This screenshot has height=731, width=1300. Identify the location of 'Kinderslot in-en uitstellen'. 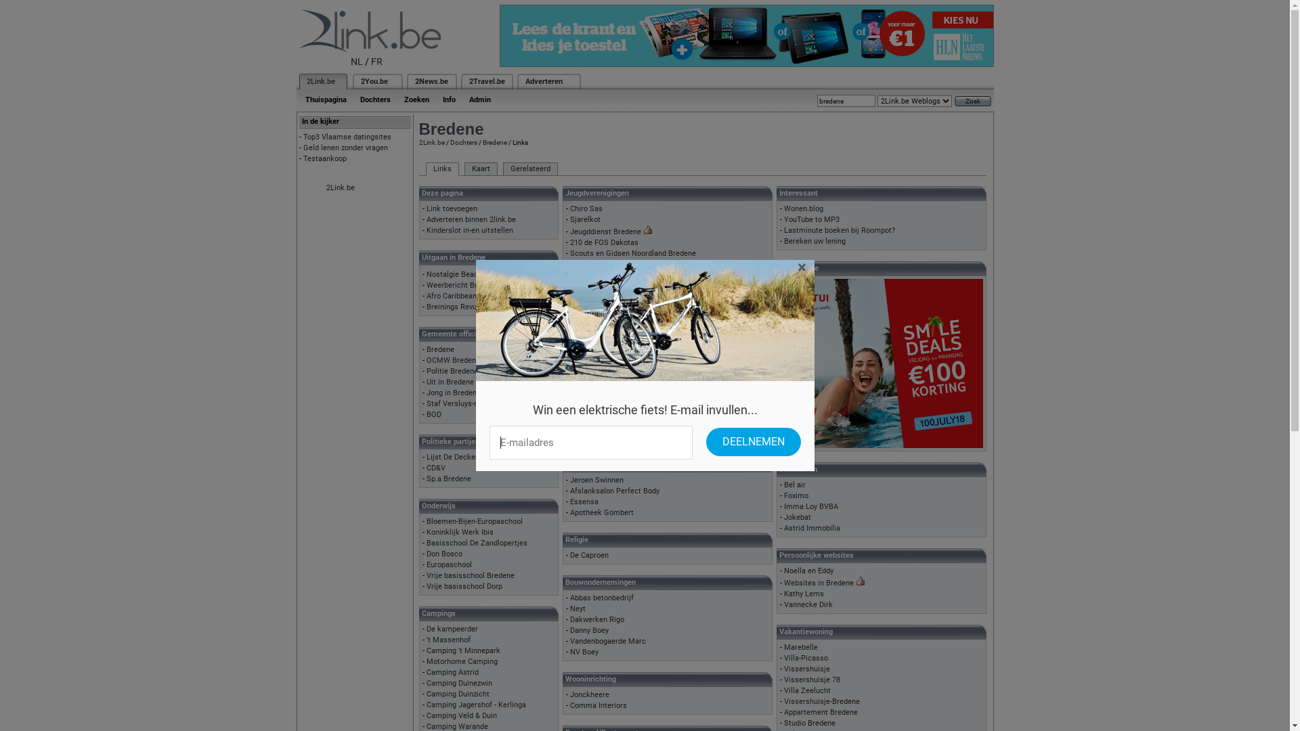
(425, 229).